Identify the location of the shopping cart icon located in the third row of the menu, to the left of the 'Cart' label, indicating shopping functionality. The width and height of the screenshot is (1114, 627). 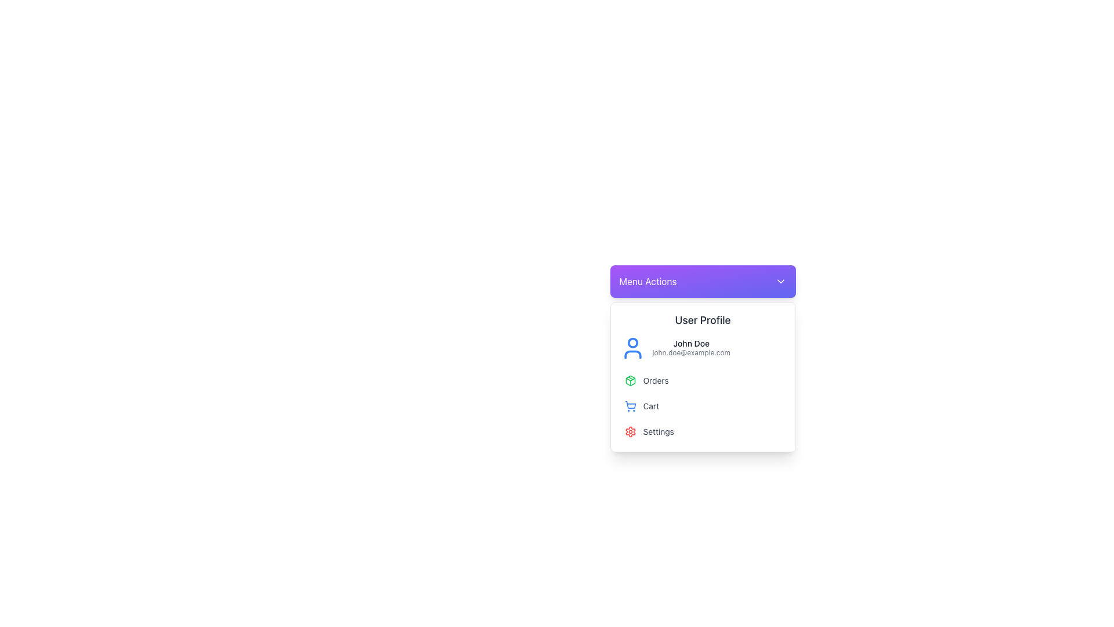
(630, 404).